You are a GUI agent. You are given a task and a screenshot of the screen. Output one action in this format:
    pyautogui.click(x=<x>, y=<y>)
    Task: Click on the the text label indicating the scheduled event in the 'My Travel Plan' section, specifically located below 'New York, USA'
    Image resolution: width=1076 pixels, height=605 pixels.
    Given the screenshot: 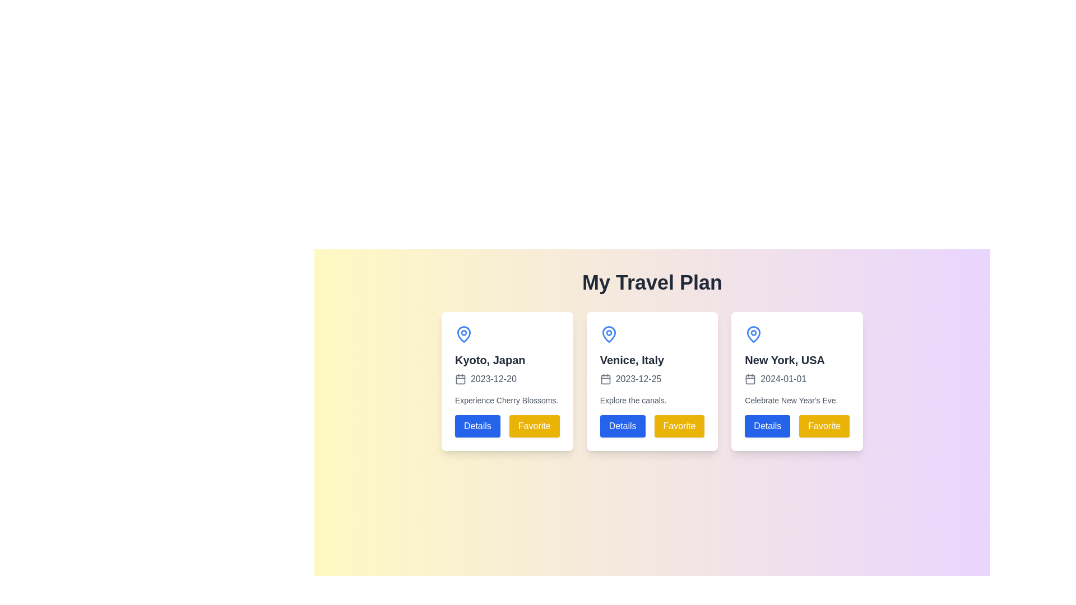 What is the action you would take?
    pyautogui.click(x=775, y=379)
    